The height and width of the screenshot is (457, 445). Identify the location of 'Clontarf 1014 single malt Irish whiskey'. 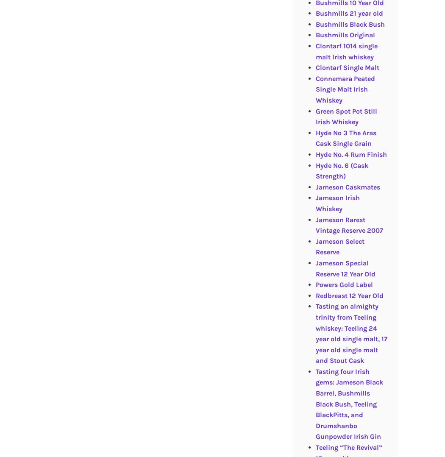
(346, 51).